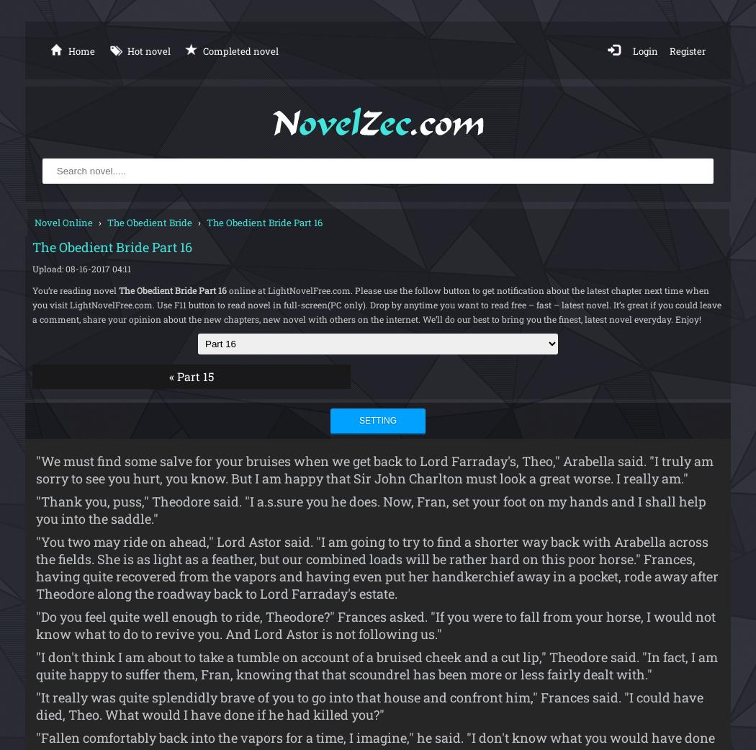 Image resolution: width=756 pixels, height=750 pixels. Describe the element at coordinates (32, 290) in the screenshot. I see `'You’re reading novel'` at that location.